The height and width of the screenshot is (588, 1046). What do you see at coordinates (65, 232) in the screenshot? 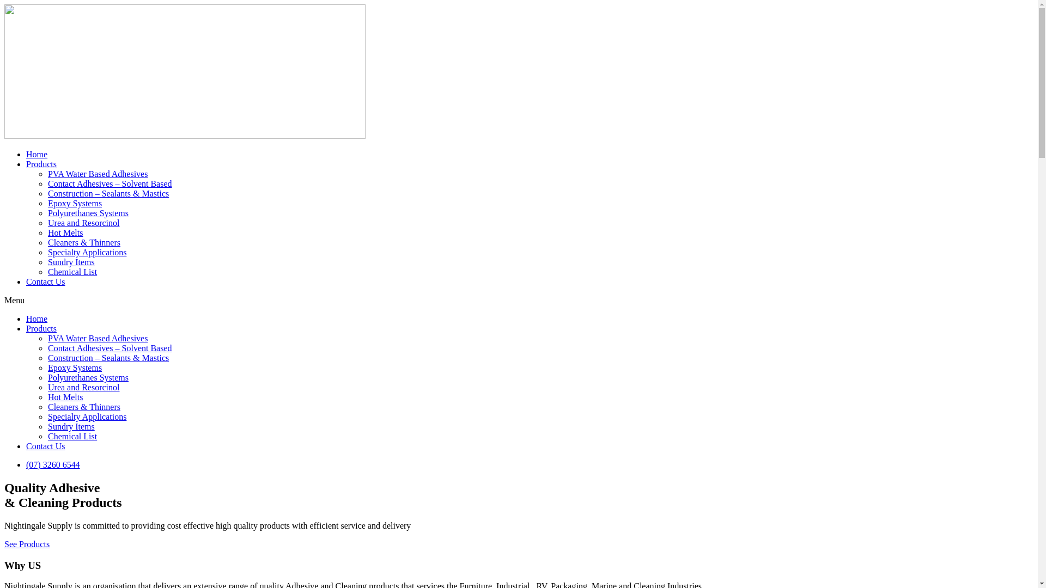
I see `'Hot Melts'` at bounding box center [65, 232].